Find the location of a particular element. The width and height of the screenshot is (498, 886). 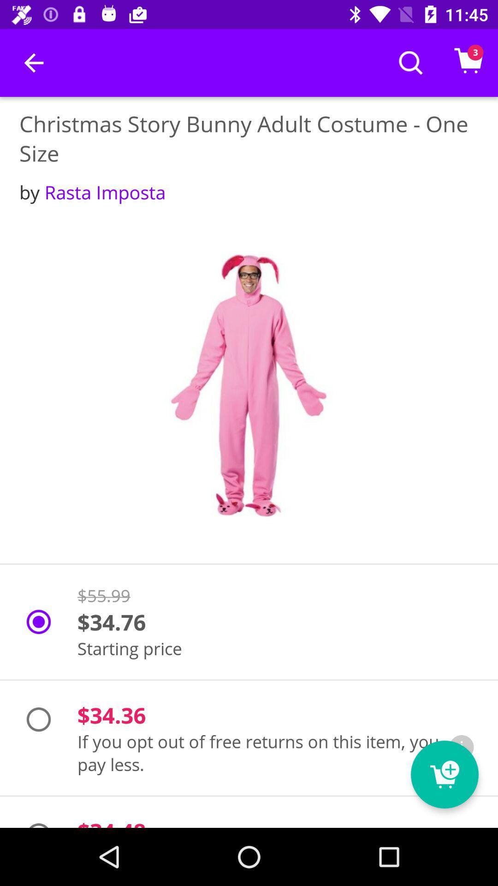

the icon below christmas story bunny icon is located at coordinates (92, 192).